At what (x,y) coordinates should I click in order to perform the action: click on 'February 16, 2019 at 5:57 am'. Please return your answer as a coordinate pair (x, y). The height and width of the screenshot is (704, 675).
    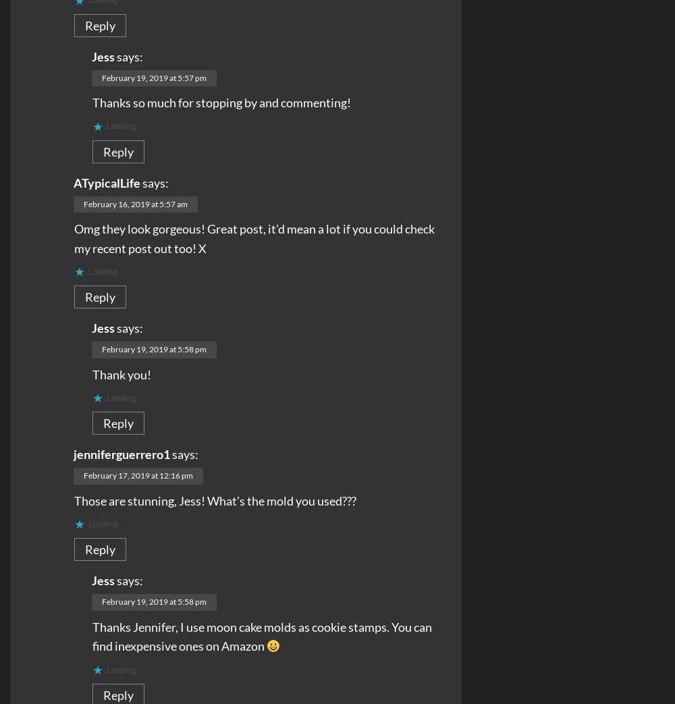
    Looking at the image, I should click on (135, 202).